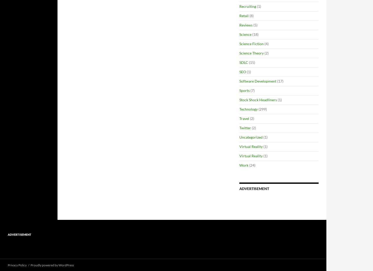  I want to click on '(15)', so click(251, 62).